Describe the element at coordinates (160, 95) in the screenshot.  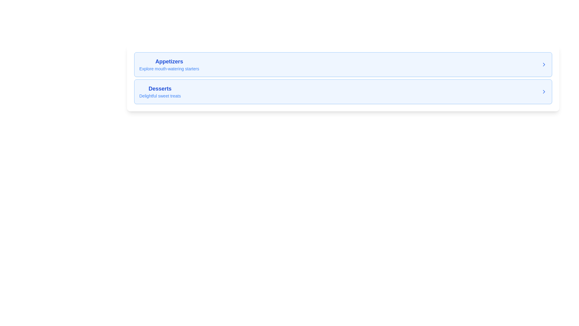
I see `styling details of the Text Label located directly below the 'Desserts' title, positioned in the center-right area of the interface` at that location.